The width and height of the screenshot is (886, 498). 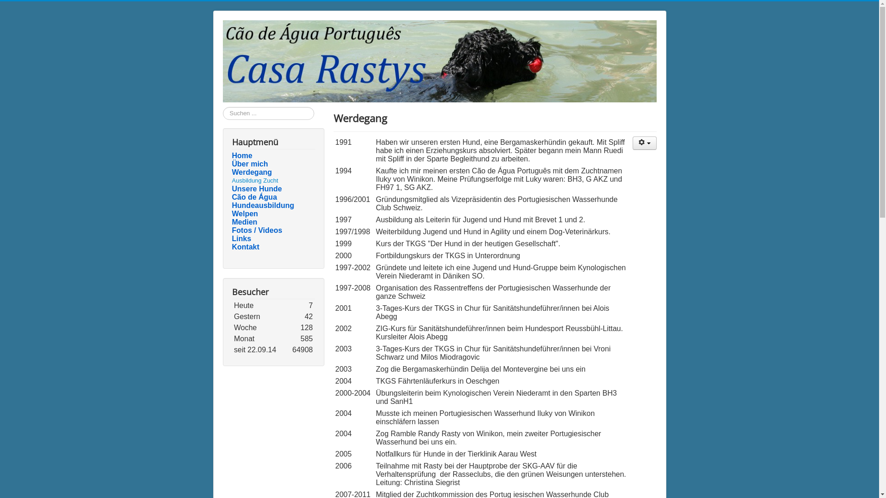 What do you see at coordinates (232, 230) in the screenshot?
I see `'Fotos / Videos'` at bounding box center [232, 230].